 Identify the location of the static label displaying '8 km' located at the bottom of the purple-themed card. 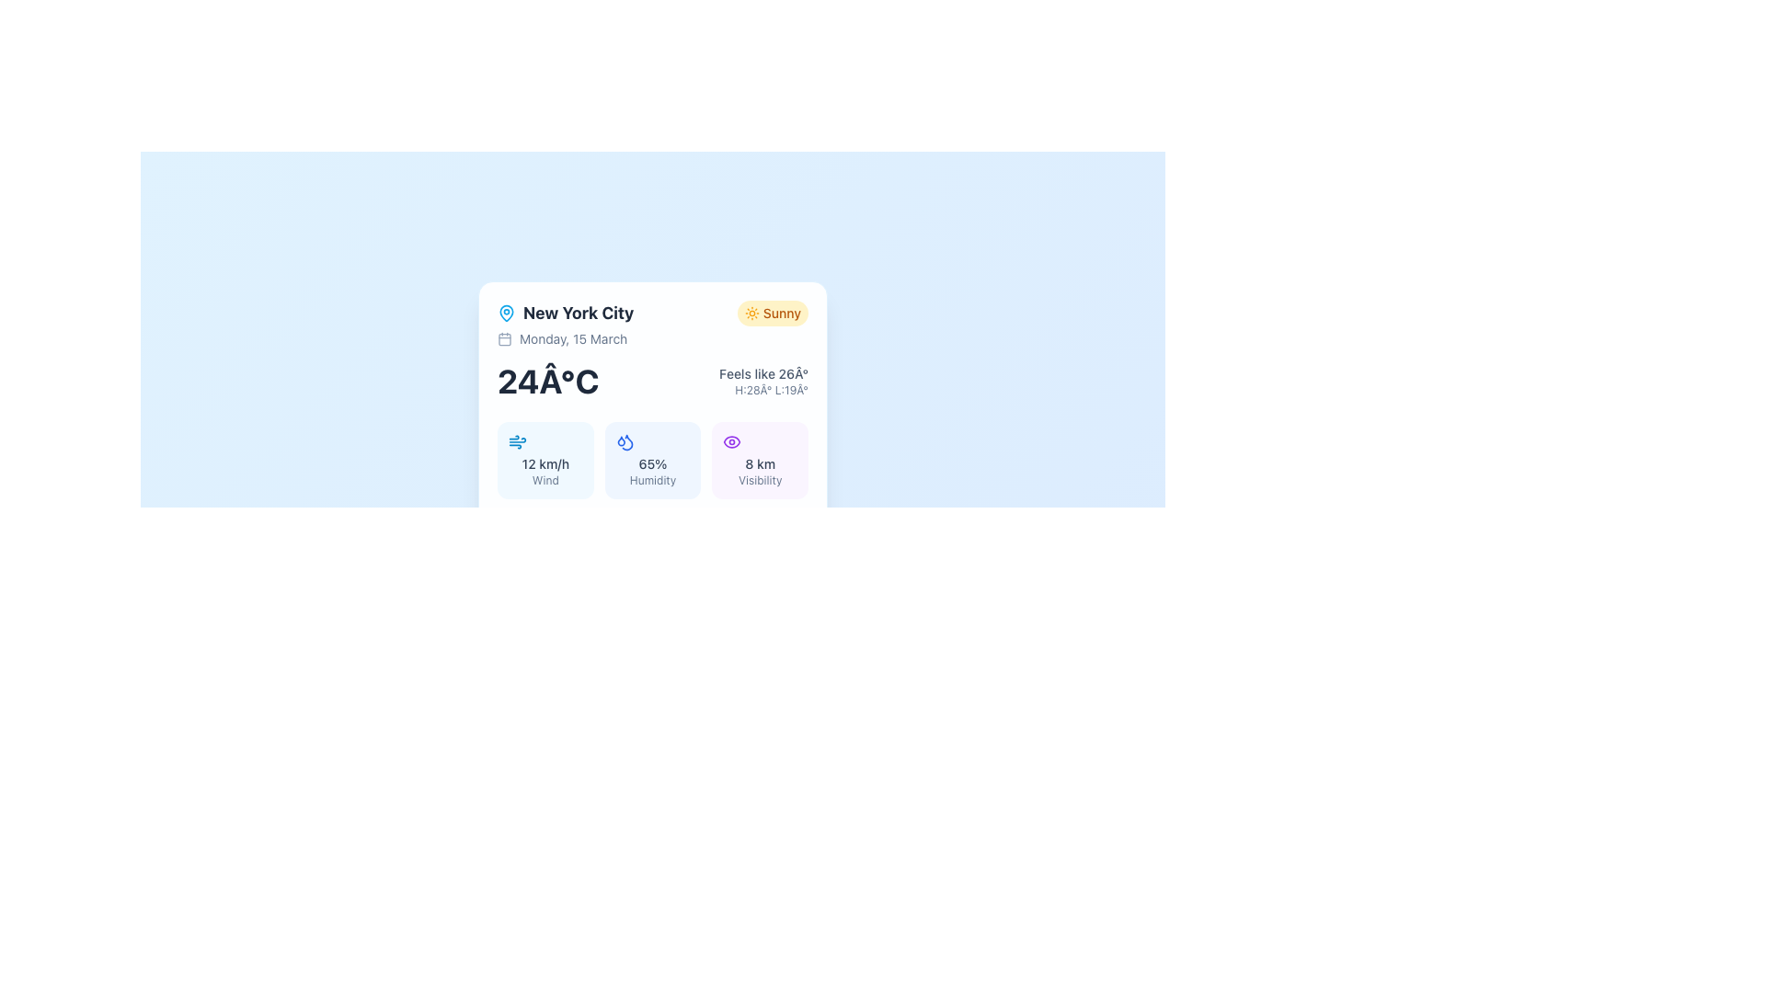
(760, 463).